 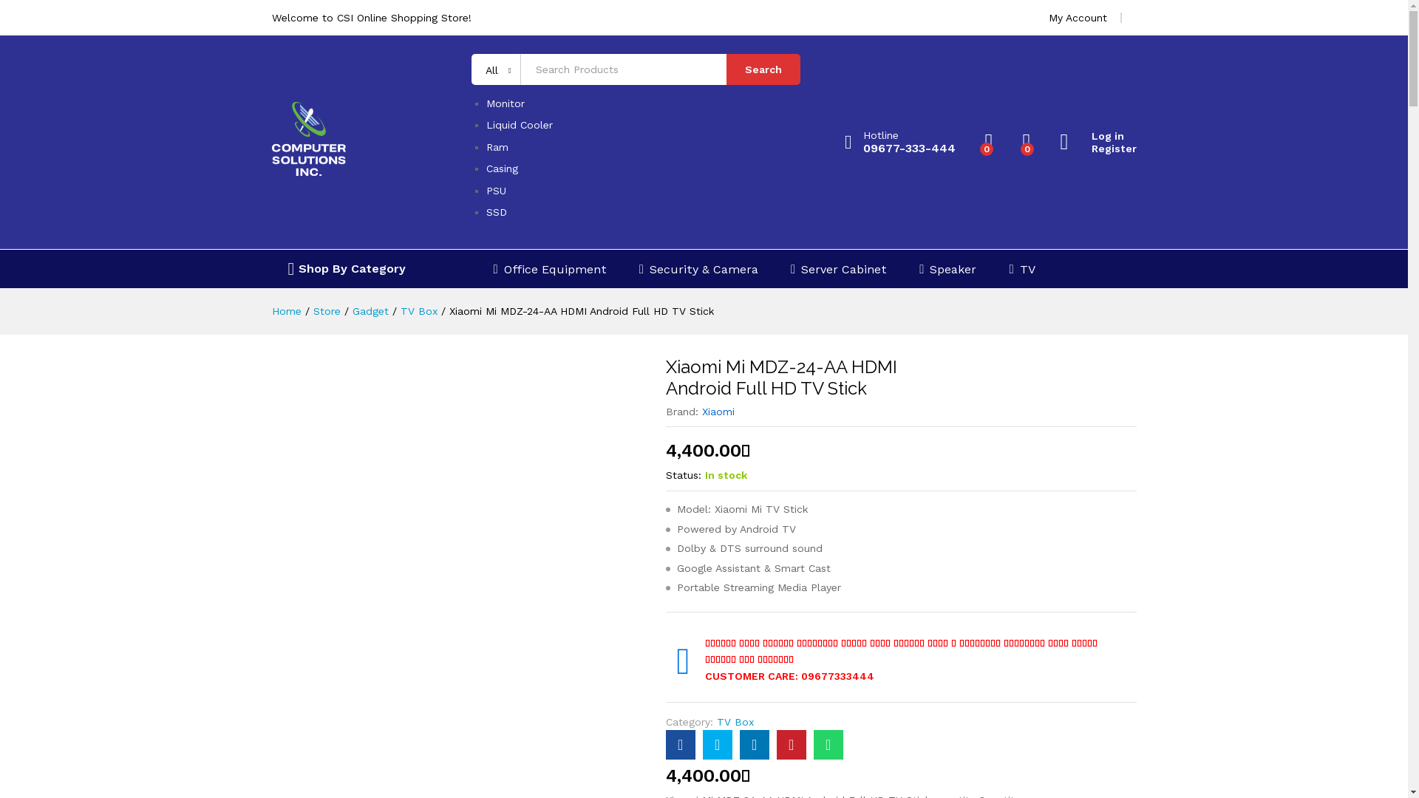 What do you see at coordinates (718, 411) in the screenshot?
I see `'Xiaomi'` at bounding box center [718, 411].